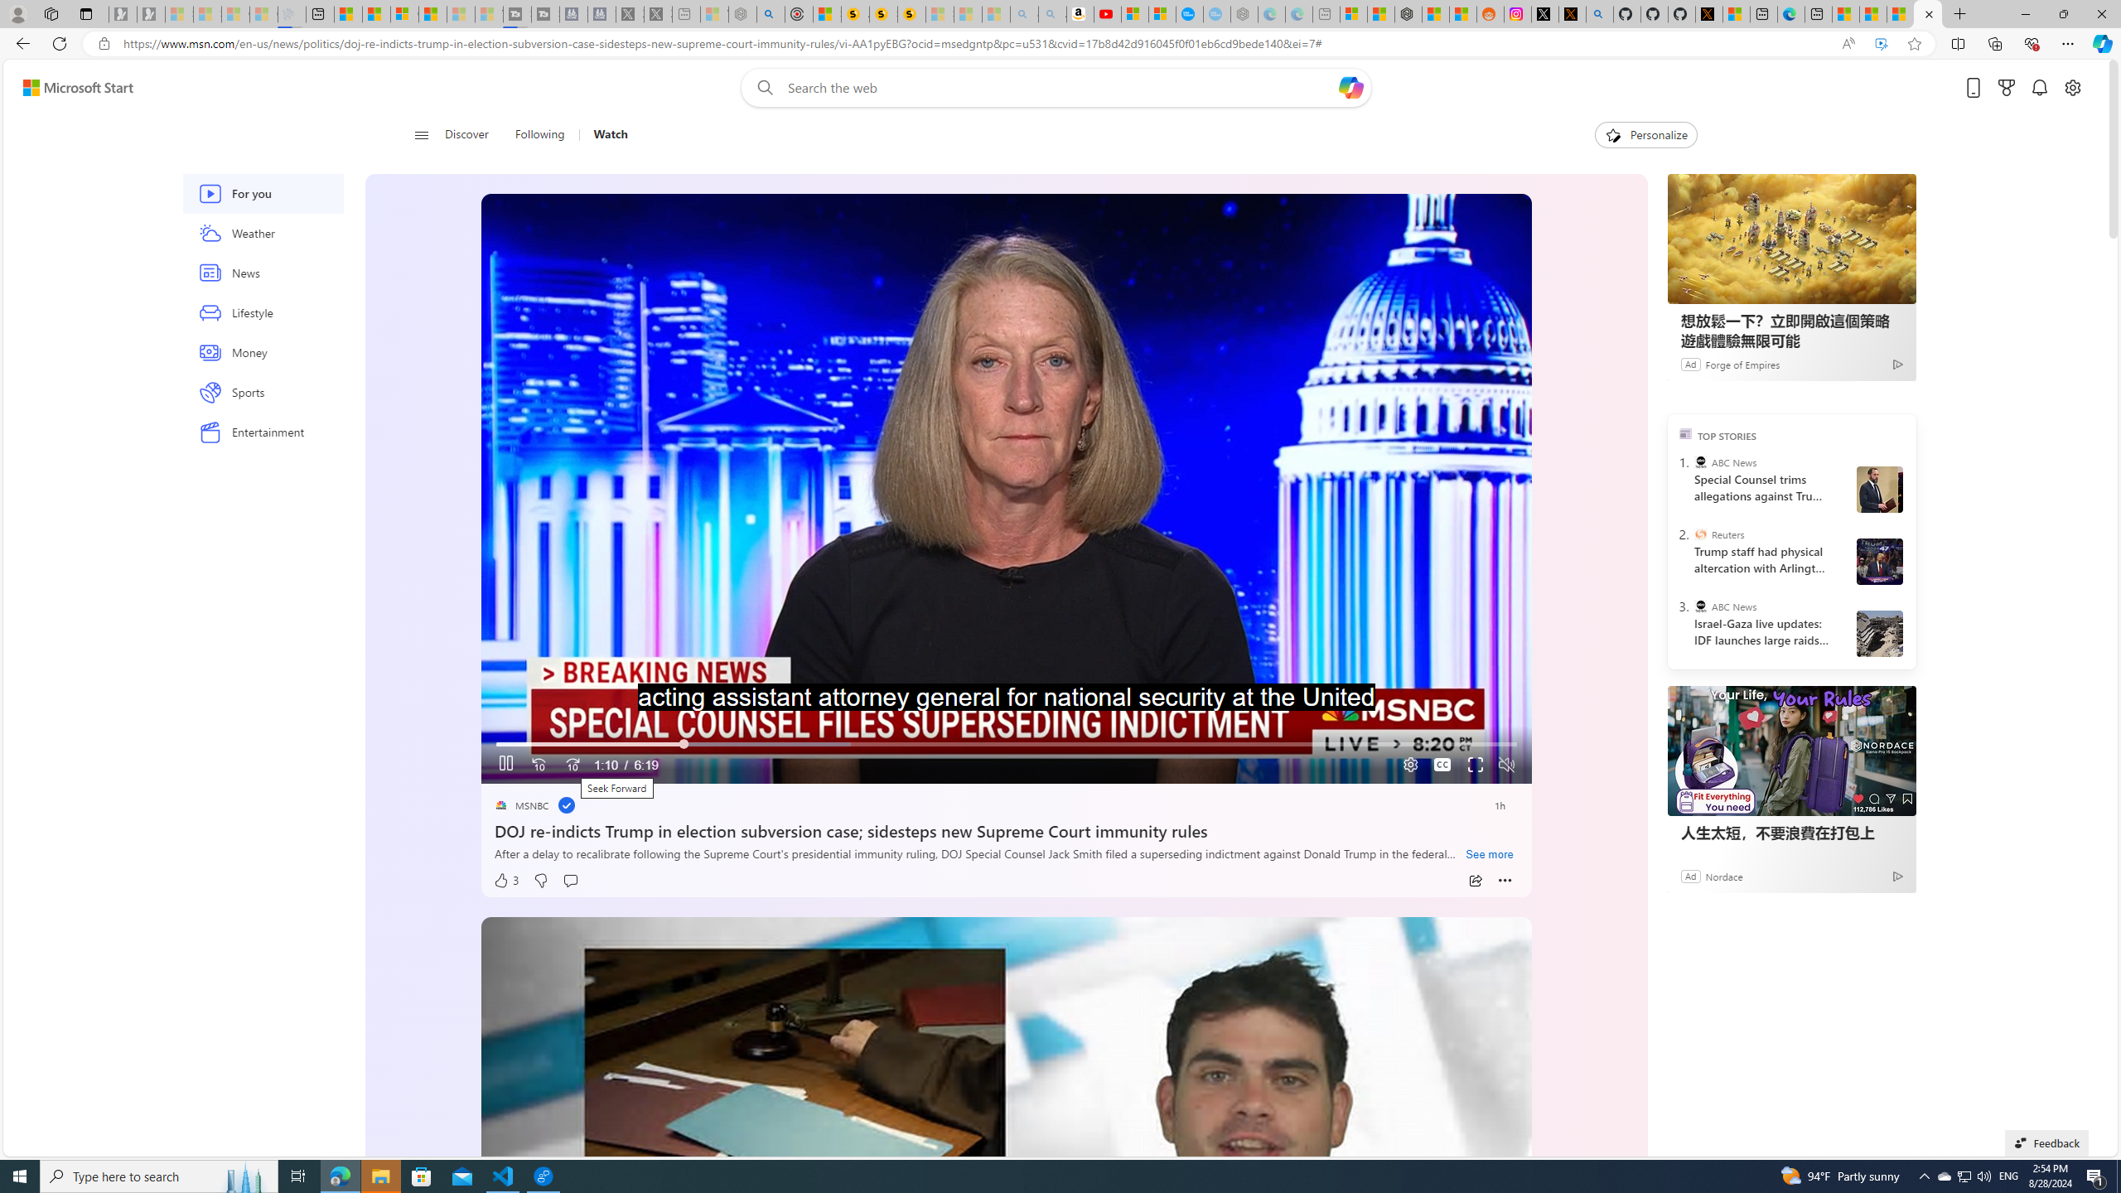 This screenshot has height=1193, width=2121. I want to click on 'Nordace - Summer Adventures 2024 - Sleeping', so click(742, 13).